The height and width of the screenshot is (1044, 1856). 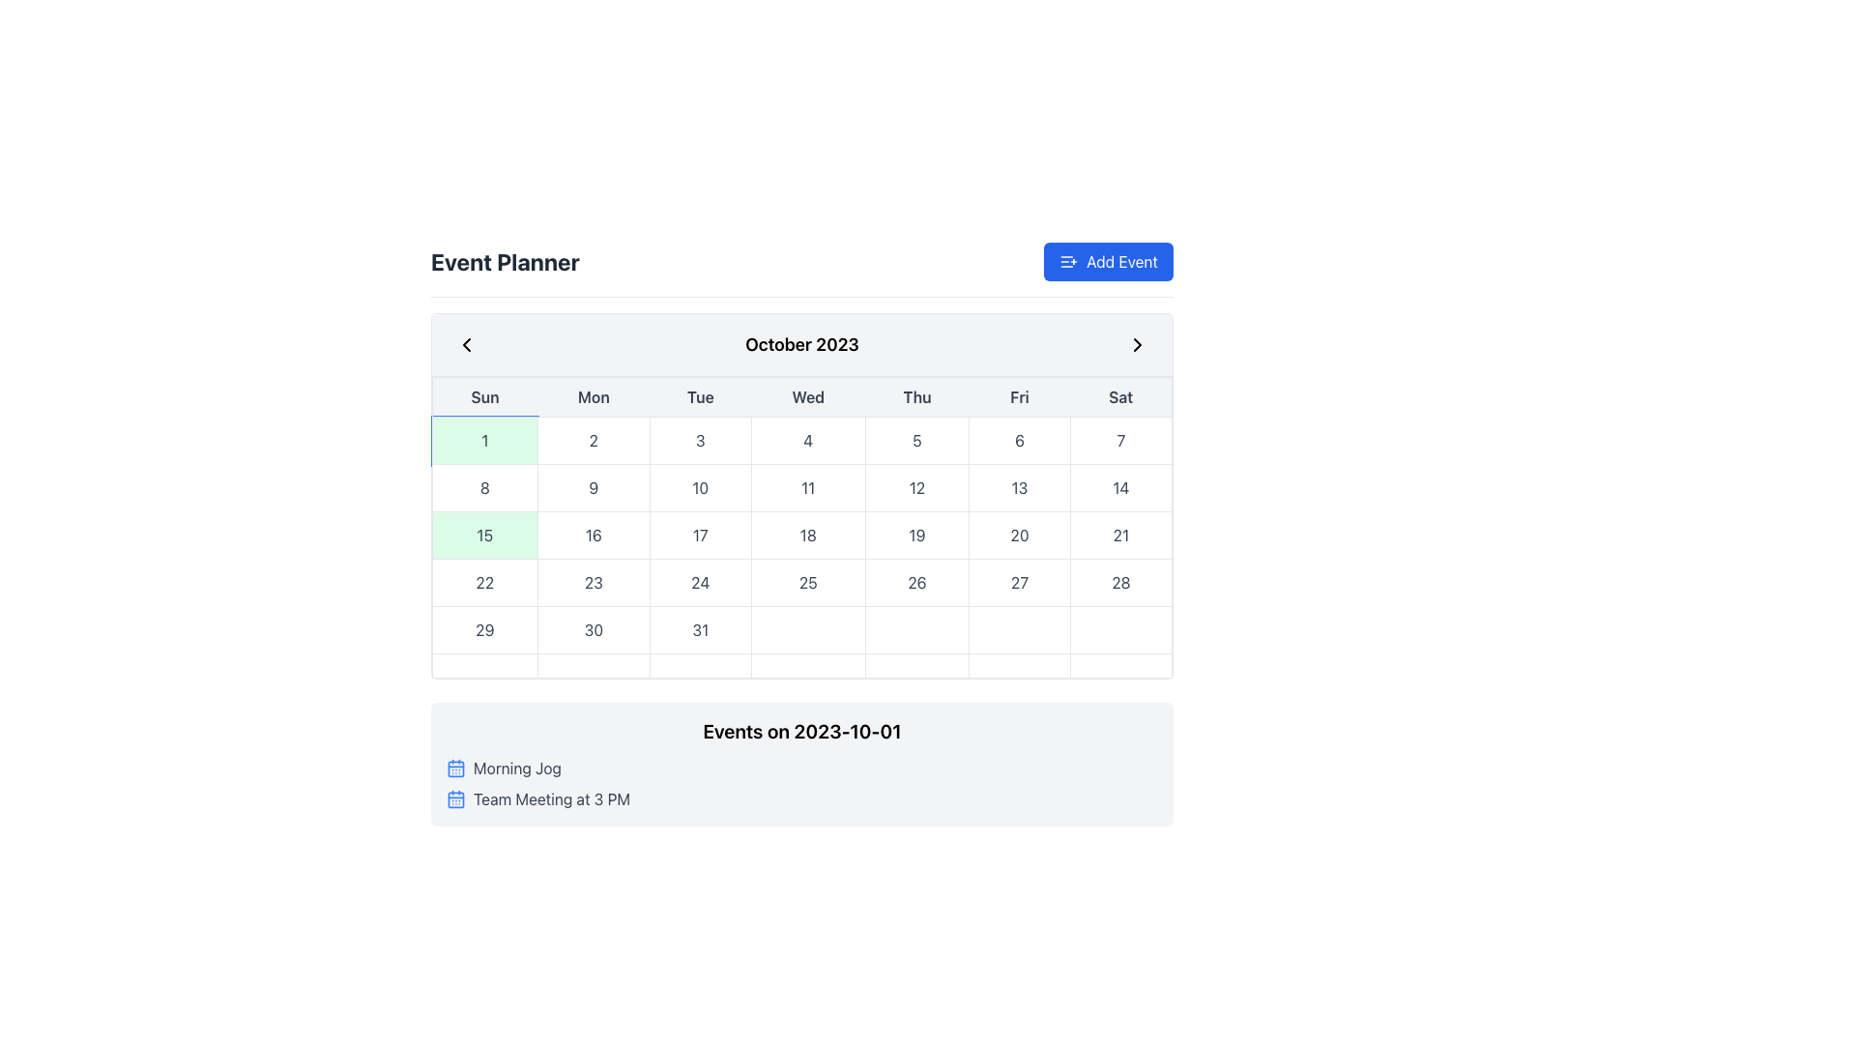 I want to click on the left navigation button icon in the calendar interface to potentially see a tooltip, so click(x=467, y=344).